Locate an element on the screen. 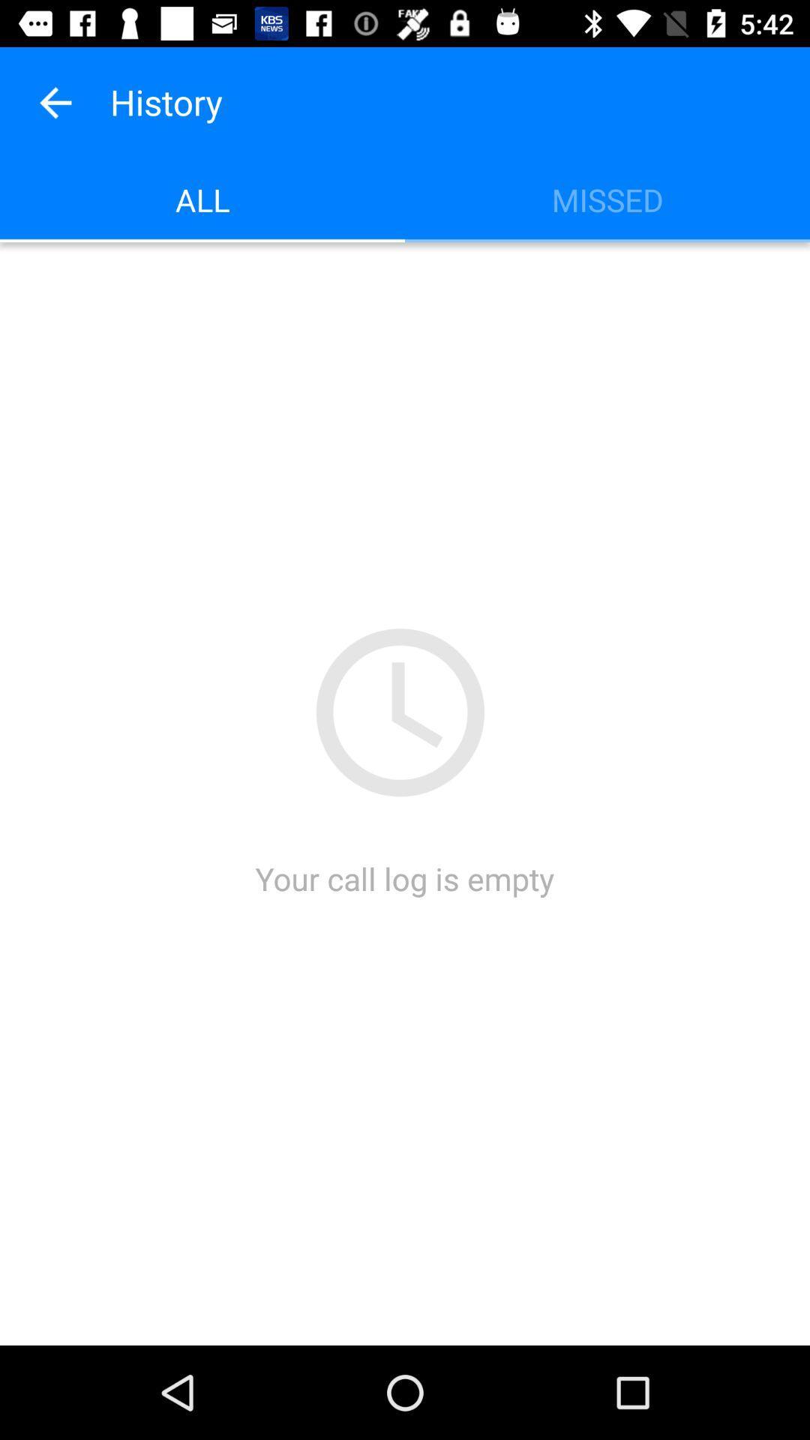  item to the left of missed is located at coordinates (202, 199).